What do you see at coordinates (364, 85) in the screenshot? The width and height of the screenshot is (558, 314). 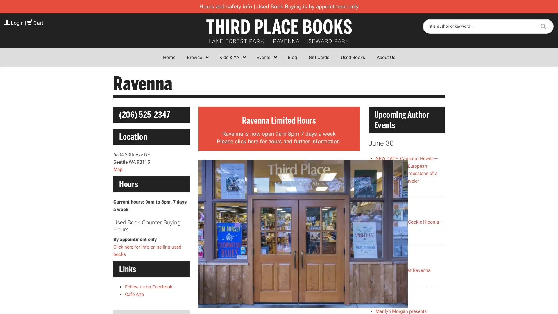 I see `Close` at bounding box center [364, 85].